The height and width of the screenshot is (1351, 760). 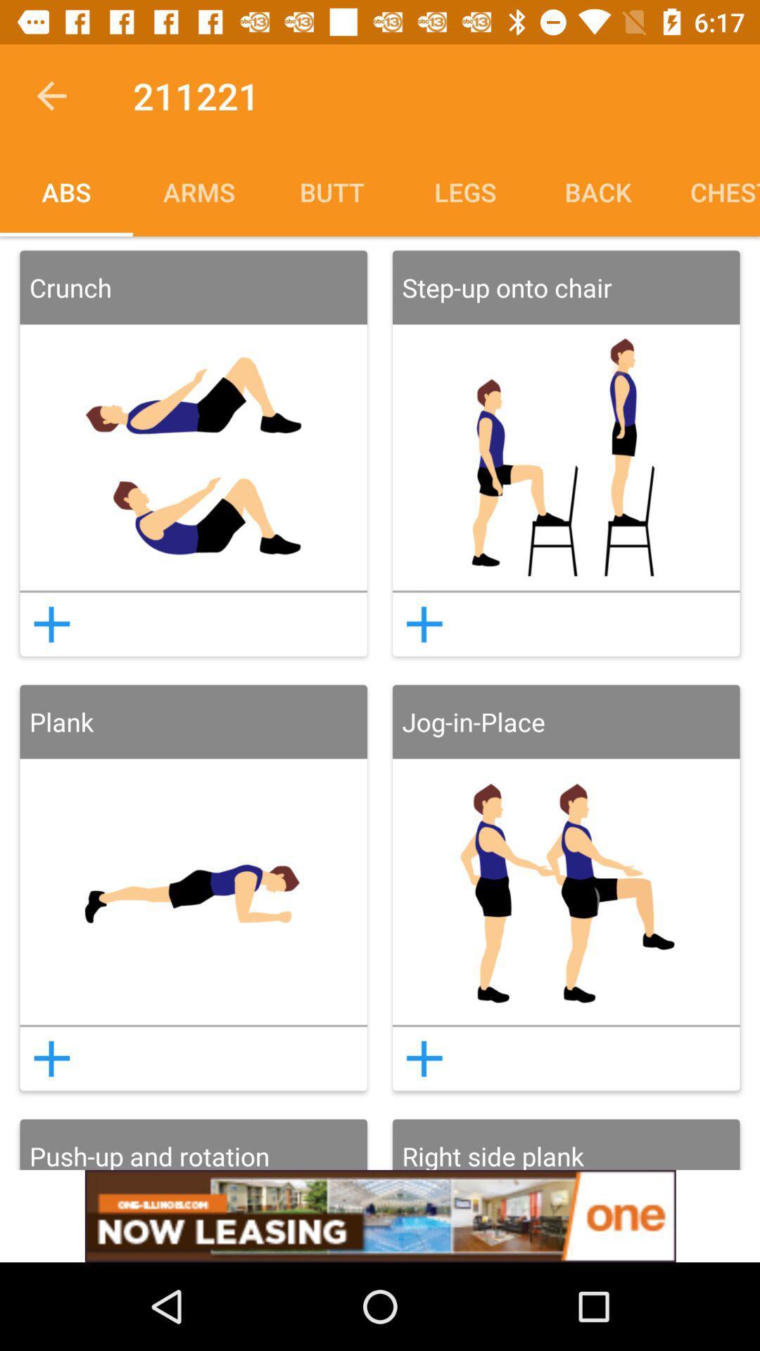 What do you see at coordinates (51, 623) in the screenshot?
I see `button` at bounding box center [51, 623].